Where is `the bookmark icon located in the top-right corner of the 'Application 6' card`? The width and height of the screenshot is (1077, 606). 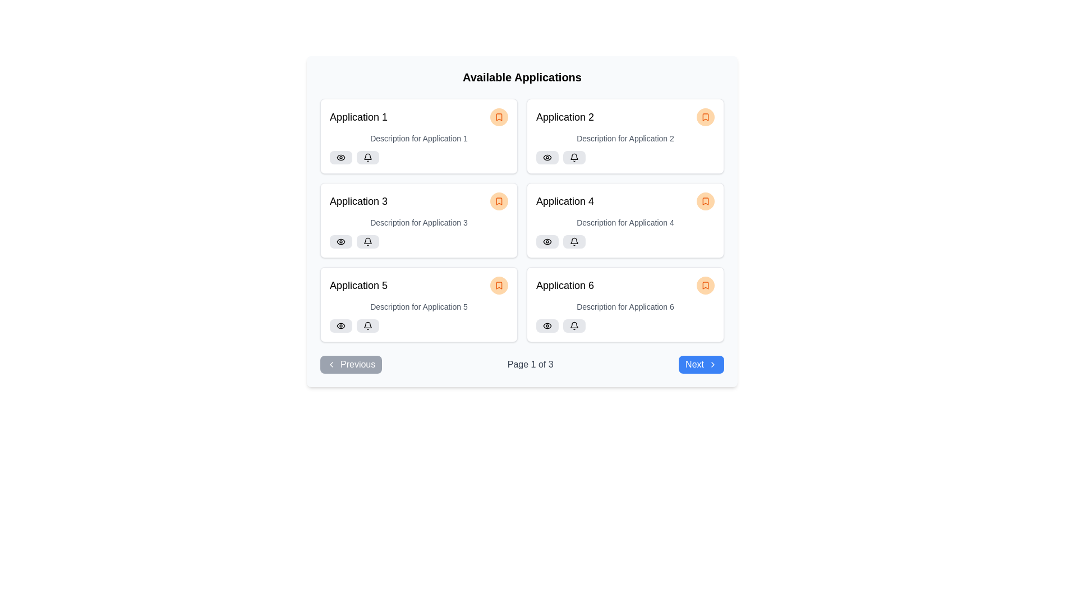 the bookmark icon located in the top-right corner of the 'Application 6' card is located at coordinates (705, 285).